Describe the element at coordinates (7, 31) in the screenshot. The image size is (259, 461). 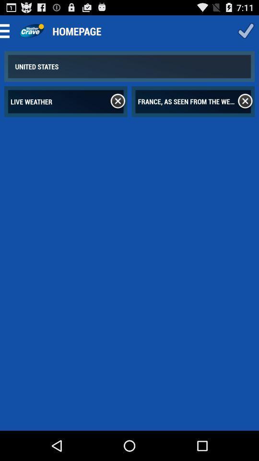
I see `main menu` at that location.